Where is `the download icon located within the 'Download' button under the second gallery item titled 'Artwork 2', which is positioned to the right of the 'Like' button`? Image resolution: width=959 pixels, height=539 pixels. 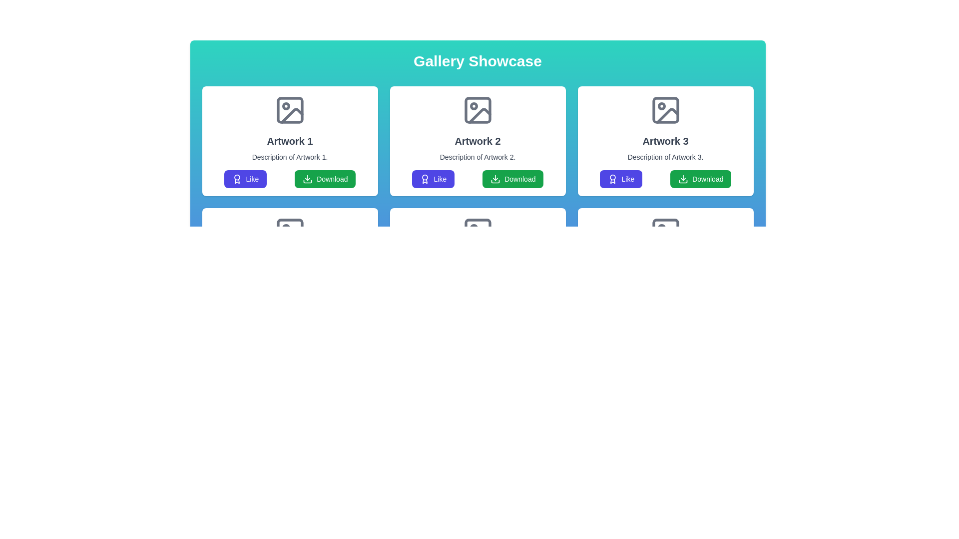
the download icon located within the 'Download' button under the second gallery item titled 'Artwork 2', which is positioned to the right of the 'Like' button is located at coordinates (495, 178).